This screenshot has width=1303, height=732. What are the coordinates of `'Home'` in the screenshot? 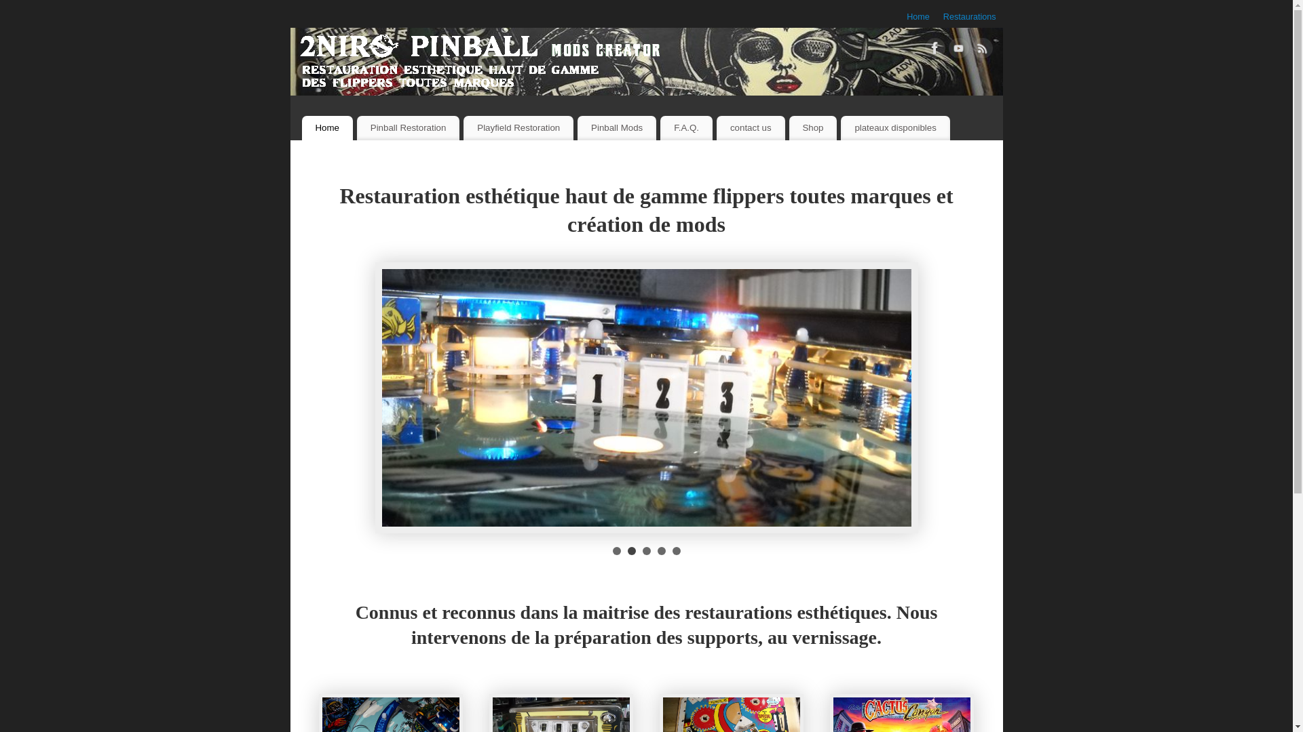 It's located at (918, 16).